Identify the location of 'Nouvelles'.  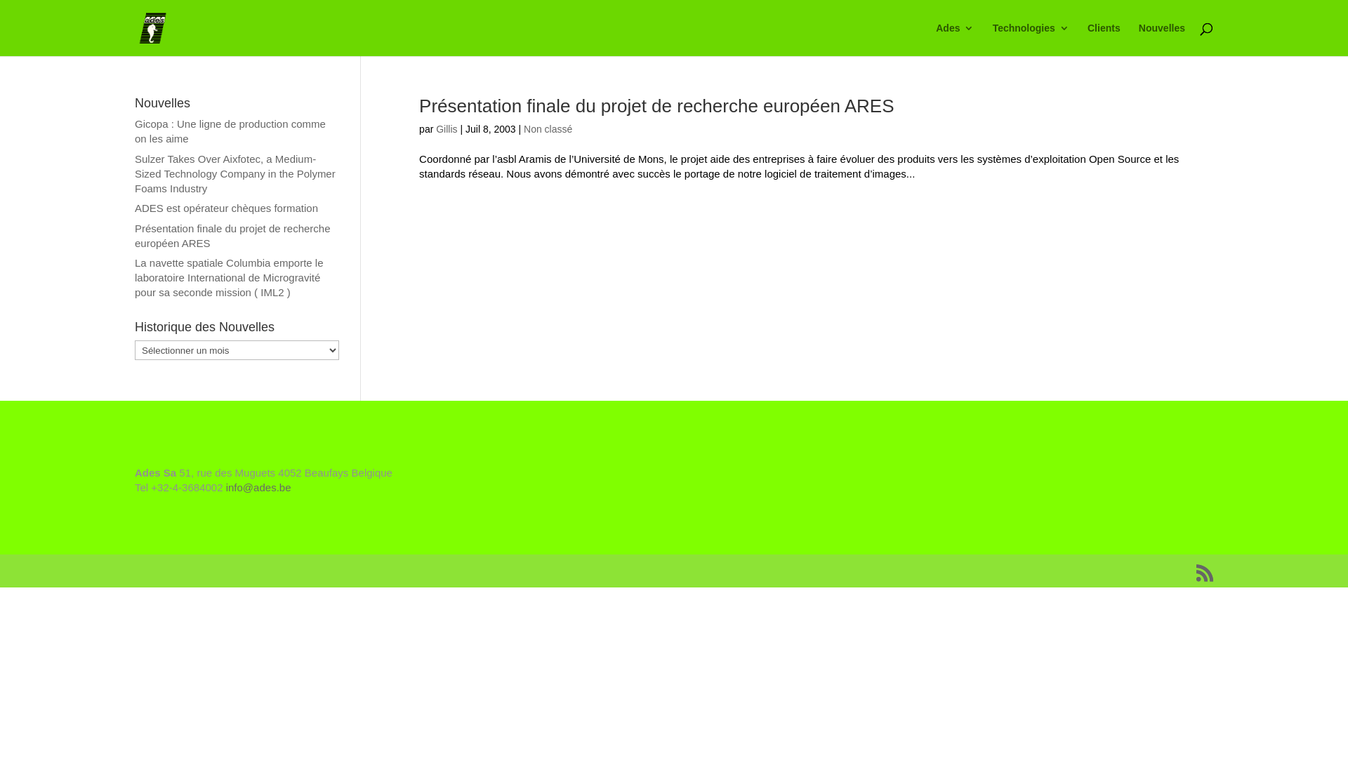
(1162, 39).